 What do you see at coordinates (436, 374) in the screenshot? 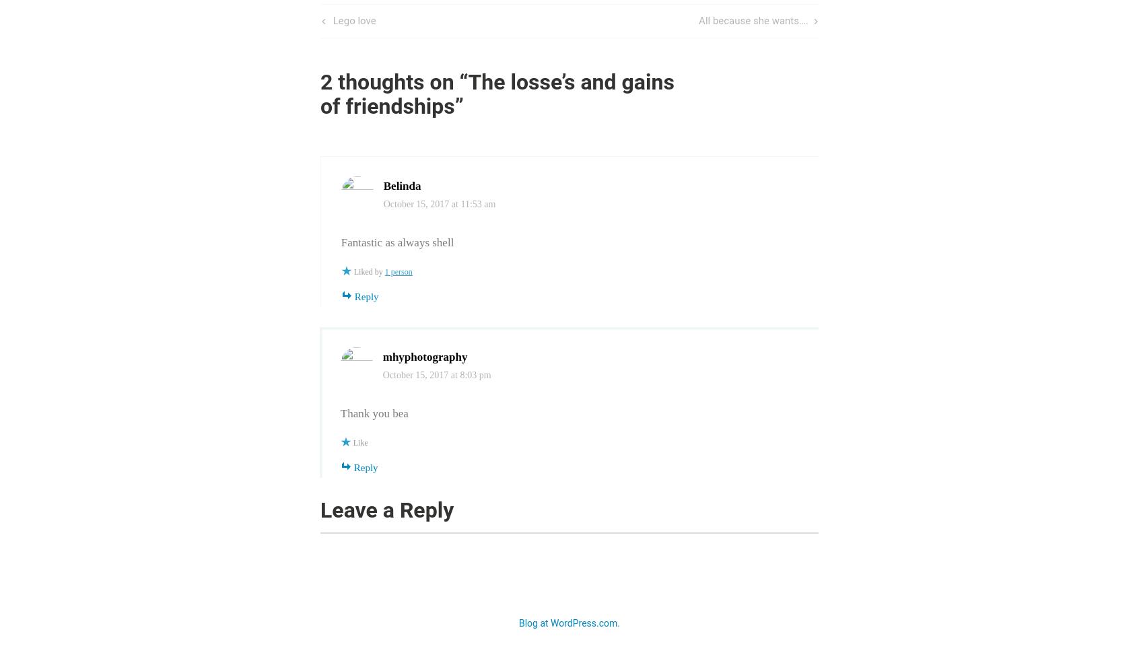
I see `'October 15, 2017 at 8:03 pm'` at bounding box center [436, 374].